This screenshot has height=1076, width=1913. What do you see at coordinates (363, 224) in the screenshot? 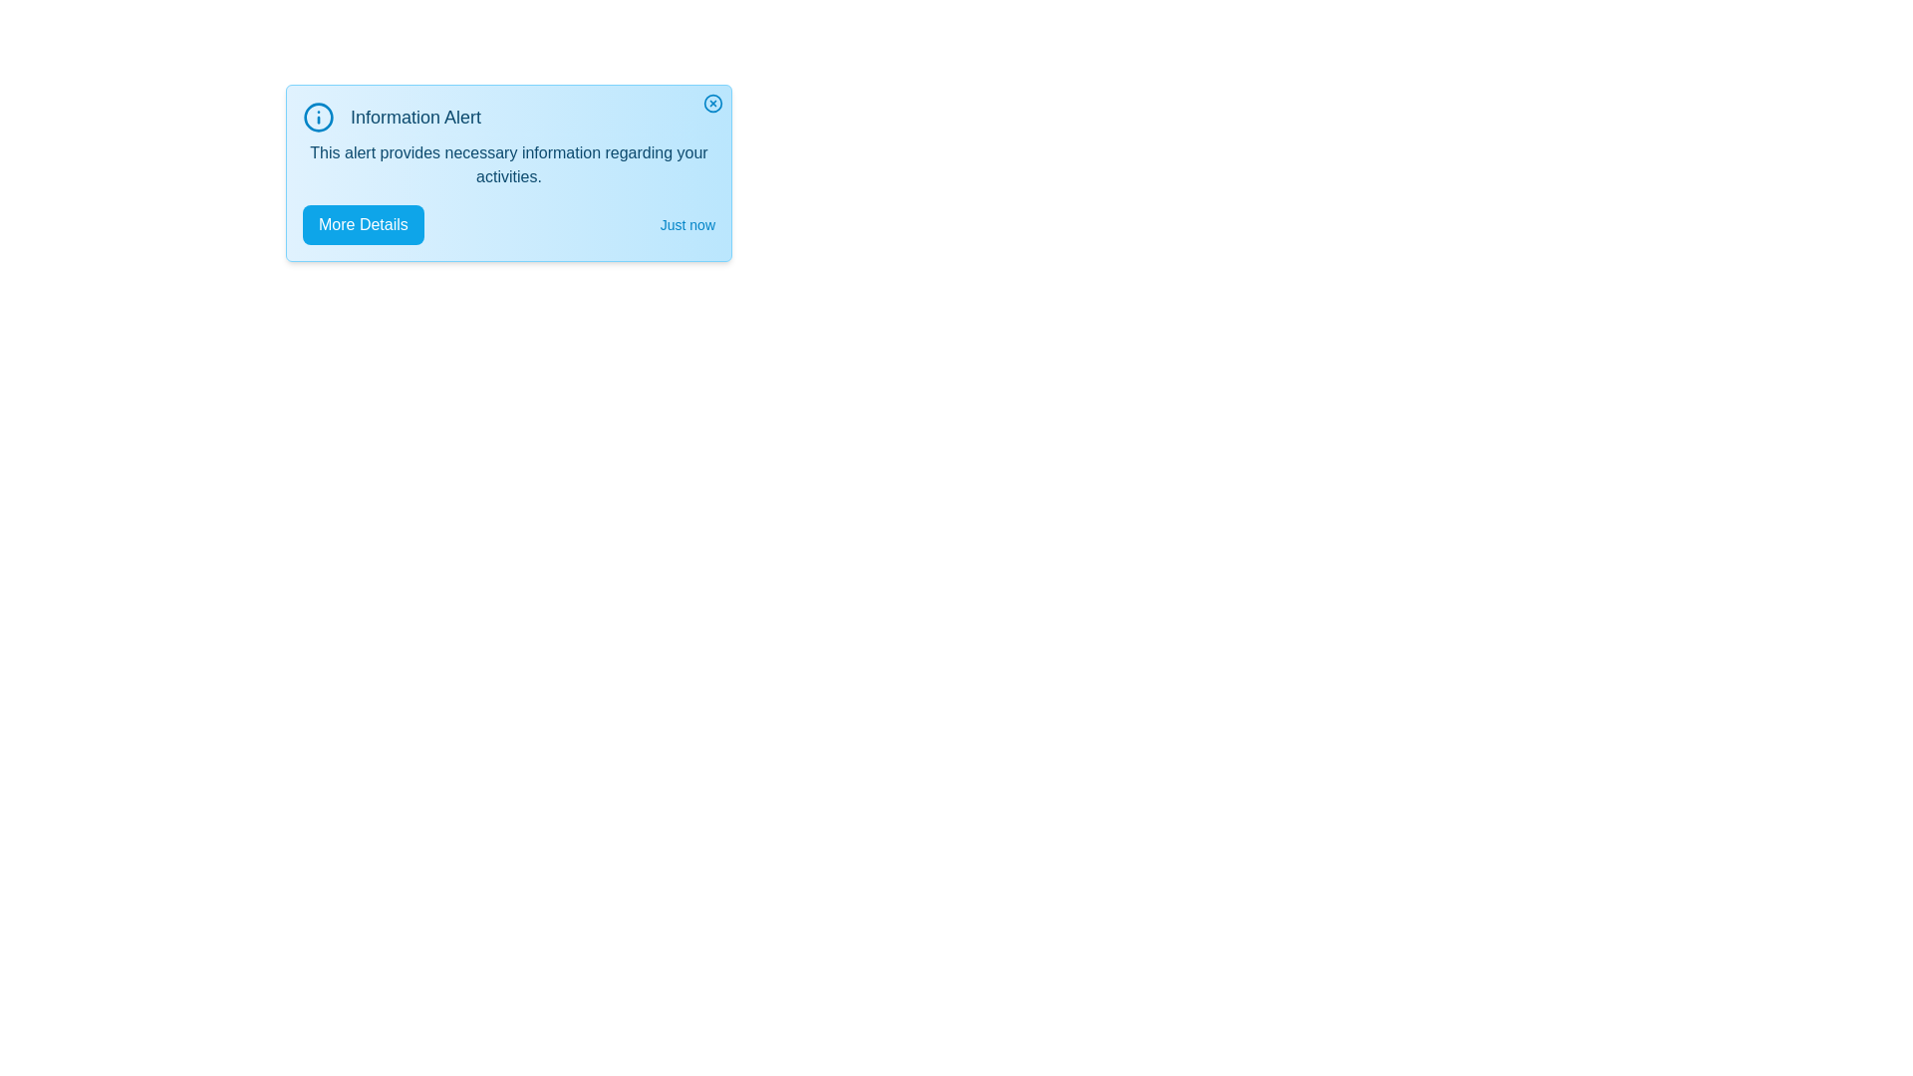
I see `the 'More Details' button to toggle detailed information` at bounding box center [363, 224].